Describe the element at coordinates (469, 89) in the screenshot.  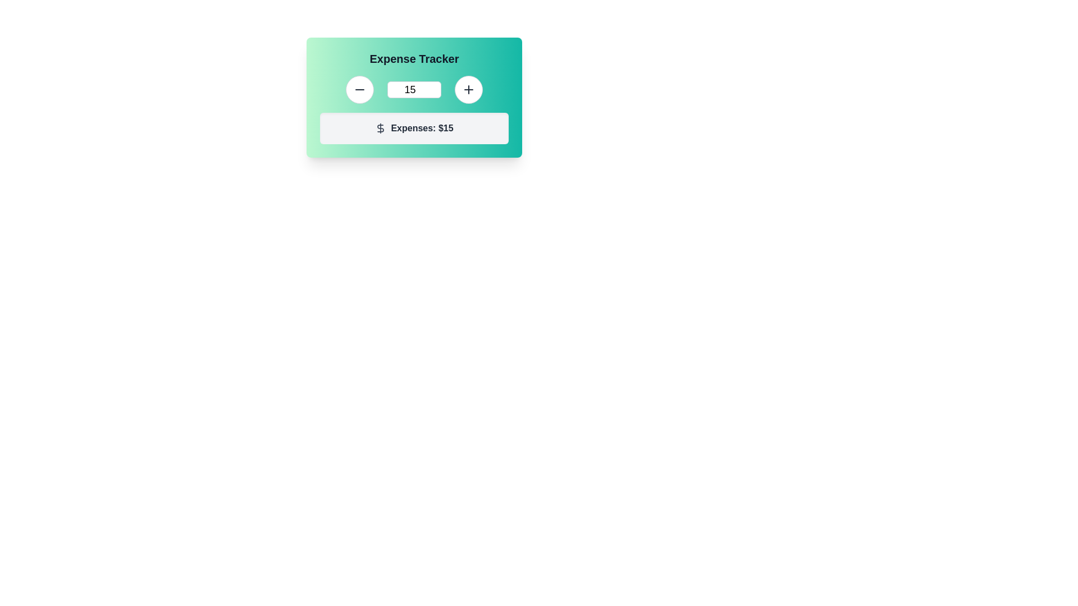
I see `the increment button located on the far right of the UI group, adjacent to a text input box displaying the value '15'` at that location.